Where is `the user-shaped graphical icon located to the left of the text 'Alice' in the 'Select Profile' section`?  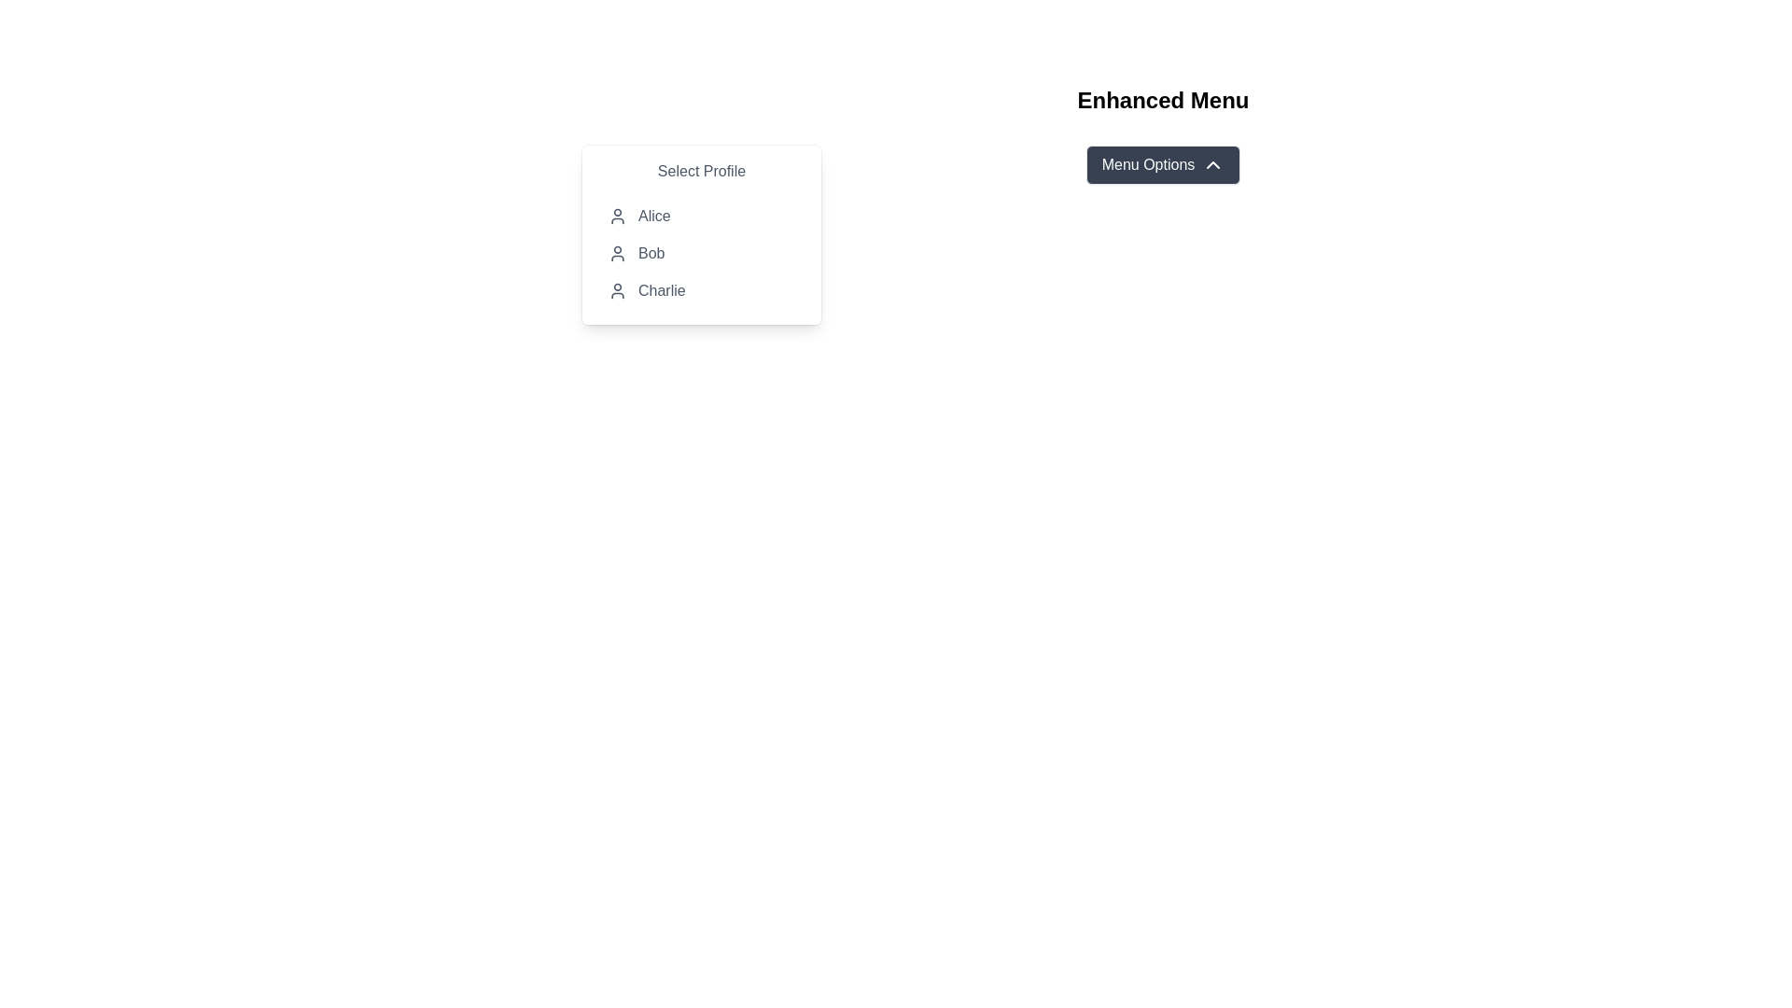 the user-shaped graphical icon located to the left of the text 'Alice' in the 'Select Profile' section is located at coordinates (618, 215).